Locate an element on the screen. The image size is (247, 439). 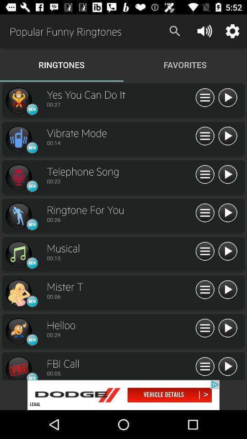
get the ringtone is located at coordinates (18, 292).